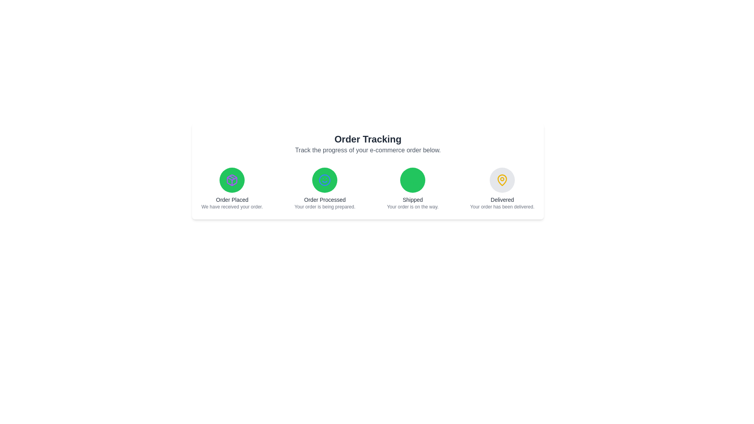 The height and width of the screenshot is (424, 754). I want to click on the circular button with a green background and a centered smiley face icon, which indicates the 'Order Processed' status, so click(325, 180).